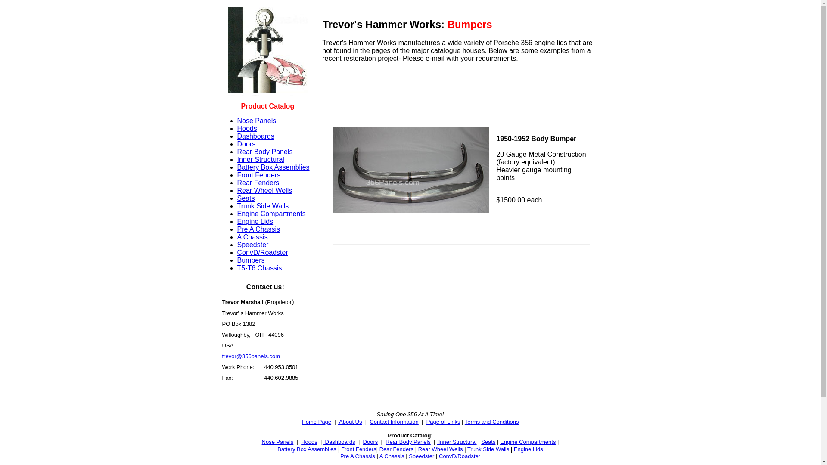 The height and width of the screenshot is (465, 827). What do you see at coordinates (250, 260) in the screenshot?
I see `'Bumpers'` at bounding box center [250, 260].